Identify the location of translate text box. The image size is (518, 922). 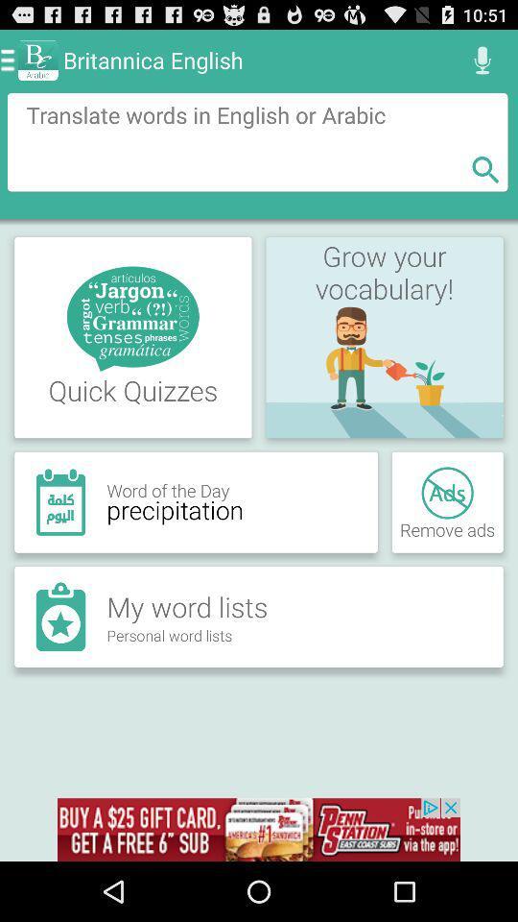
(257, 141).